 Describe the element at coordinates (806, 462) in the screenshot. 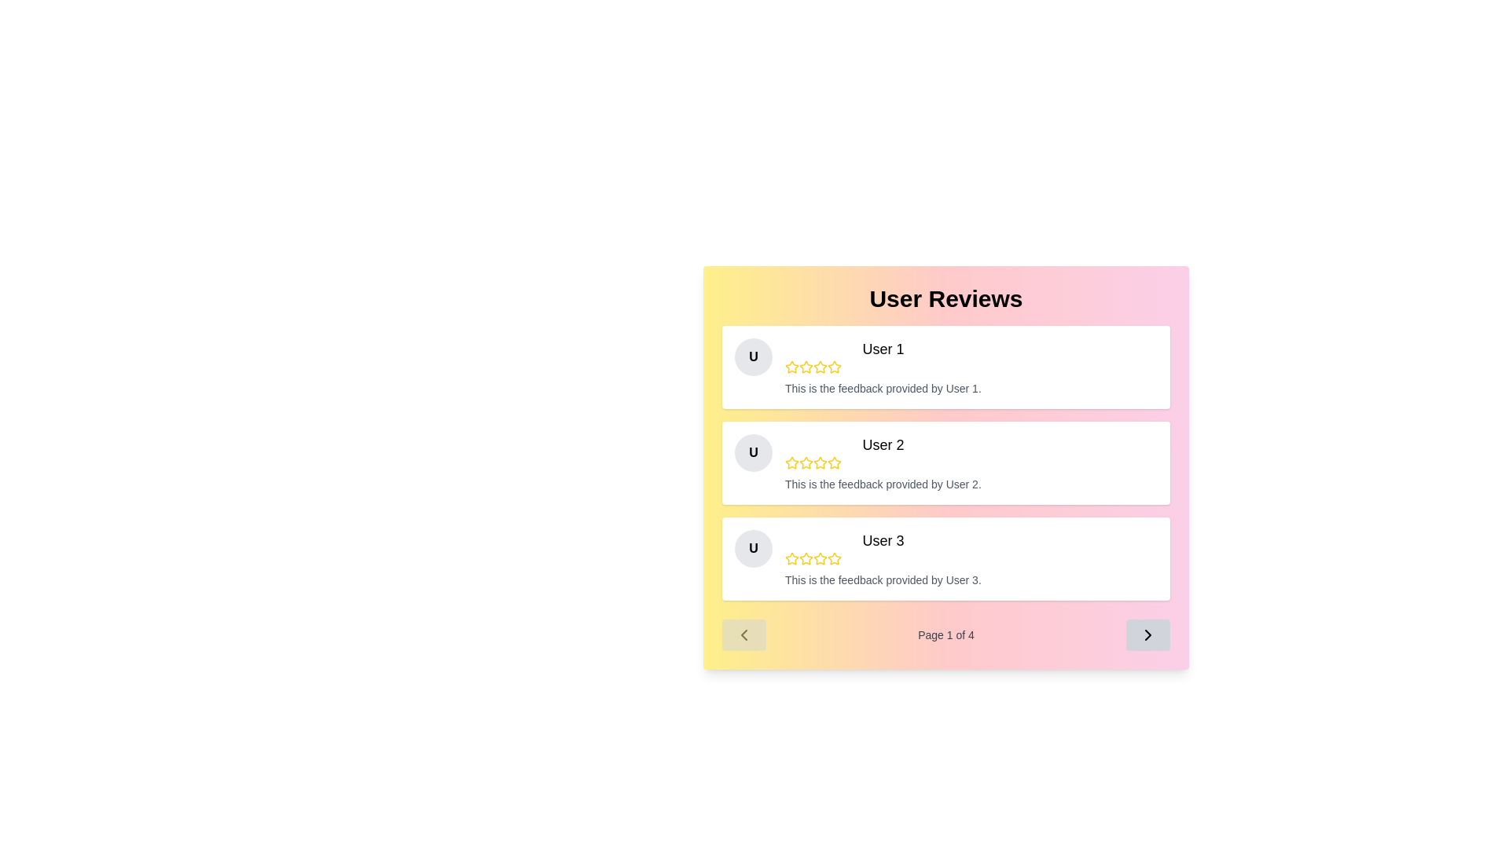

I see `the second star in the 5-star rating system for 'User 2', which visually indicates a rating of 2 out of 5` at that location.